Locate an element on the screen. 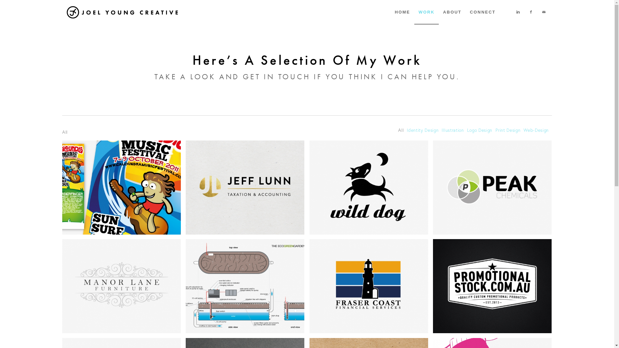  'Mail' is located at coordinates (543, 12).